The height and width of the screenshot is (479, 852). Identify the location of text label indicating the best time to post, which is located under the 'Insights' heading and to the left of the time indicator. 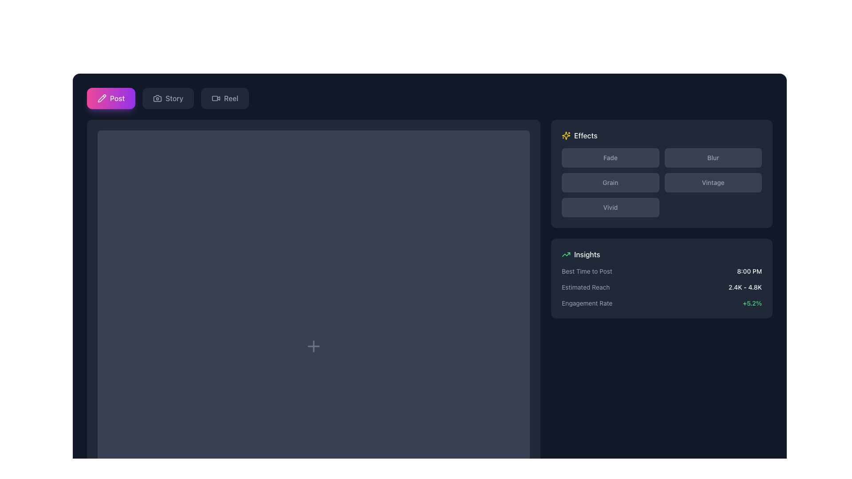
(587, 271).